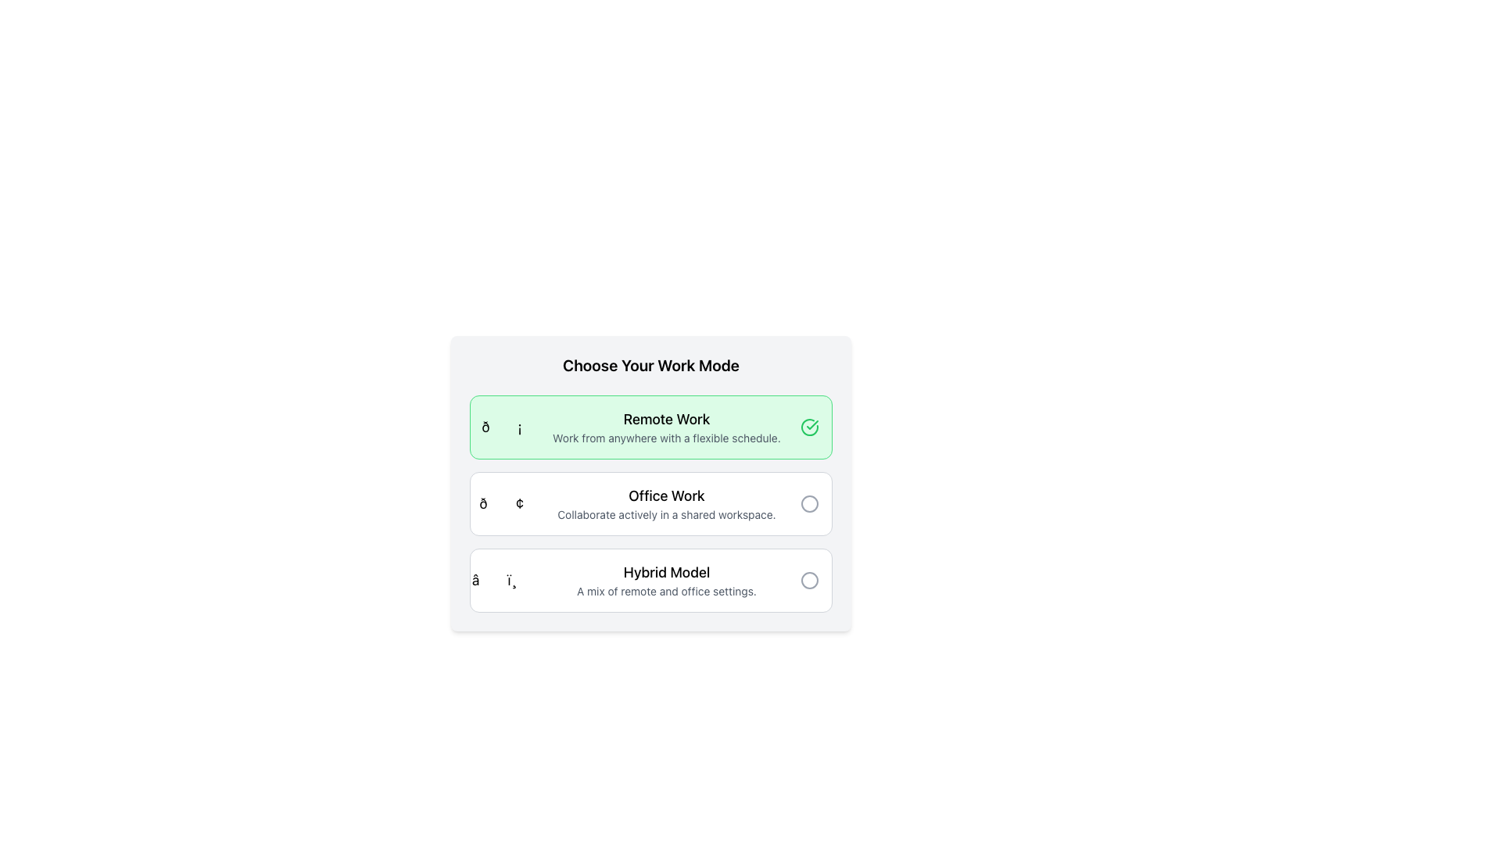 The width and height of the screenshot is (1501, 844). Describe the element at coordinates (651, 482) in the screenshot. I see `the second option in the work mode selection list, which allows users to select 'Office Work' as their preferred work mode` at that location.